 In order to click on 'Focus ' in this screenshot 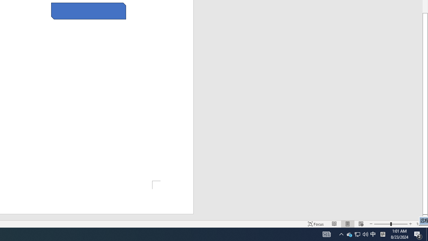, I will do `click(315, 224)`.